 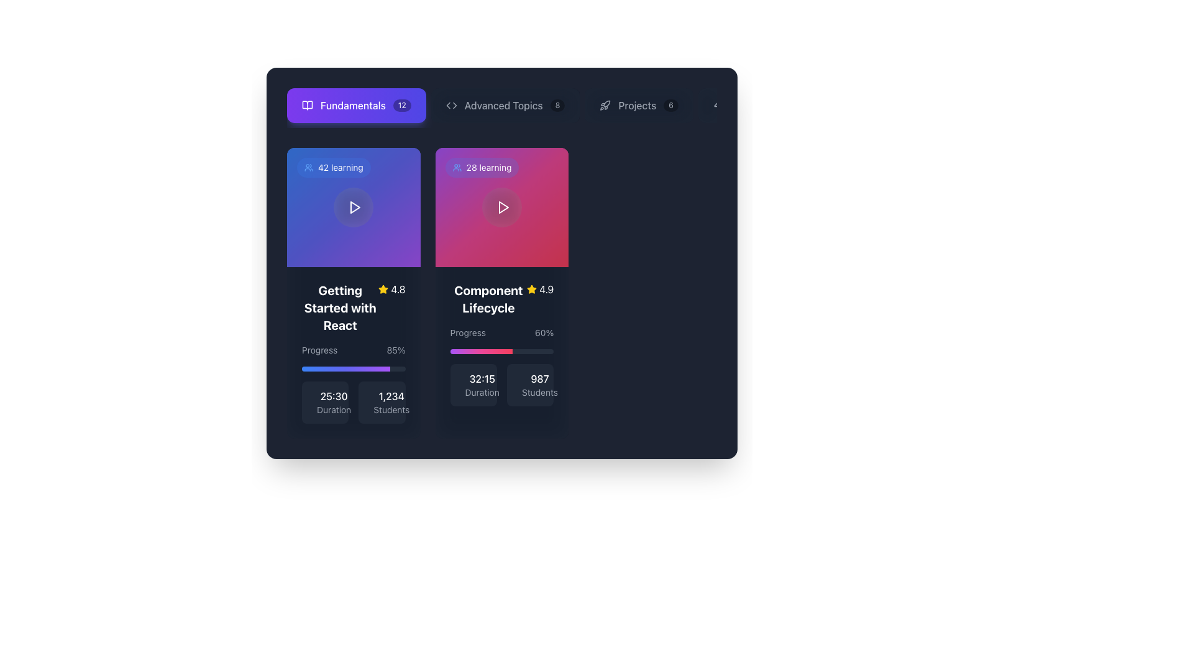 I want to click on the Text label that displays the duration information for the associated course, located in the left card beneath the progress information and above the 'Duration' label, so click(x=334, y=396).